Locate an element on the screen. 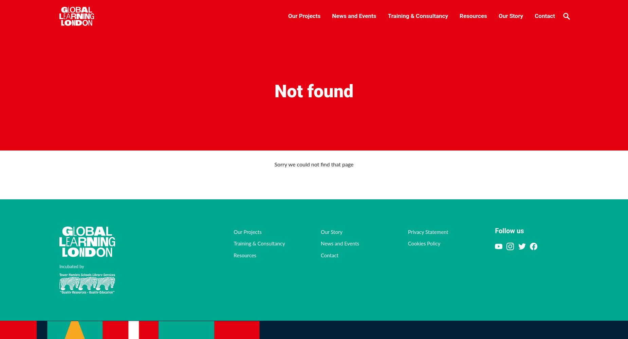  'Our Story' is located at coordinates (331, 232).